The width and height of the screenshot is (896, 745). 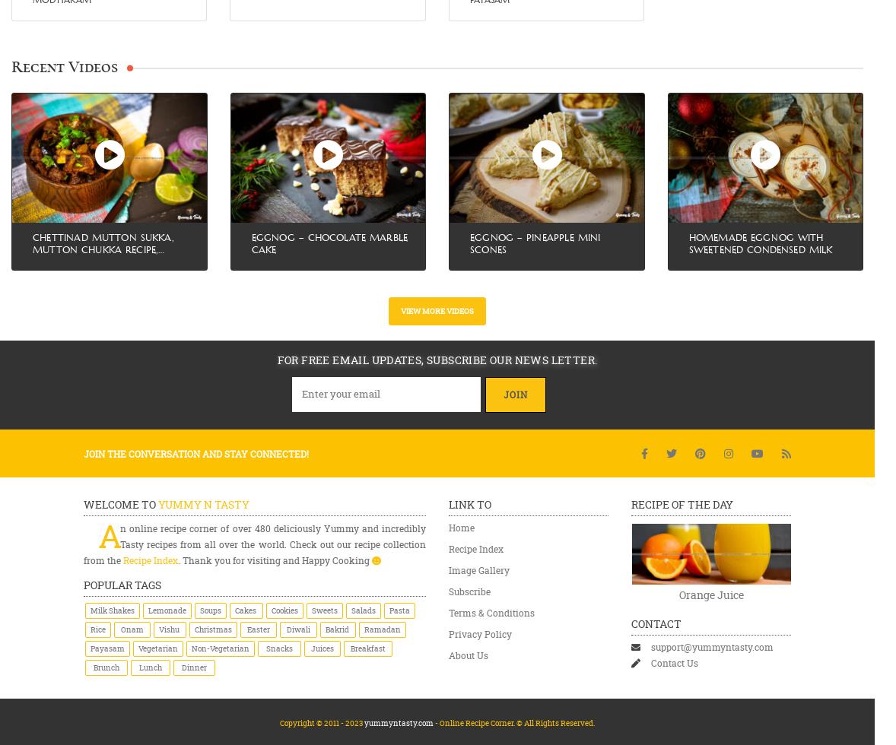 I want to click on '- Online Recipe Corner. © All Rights Reserved.', so click(x=513, y=722).